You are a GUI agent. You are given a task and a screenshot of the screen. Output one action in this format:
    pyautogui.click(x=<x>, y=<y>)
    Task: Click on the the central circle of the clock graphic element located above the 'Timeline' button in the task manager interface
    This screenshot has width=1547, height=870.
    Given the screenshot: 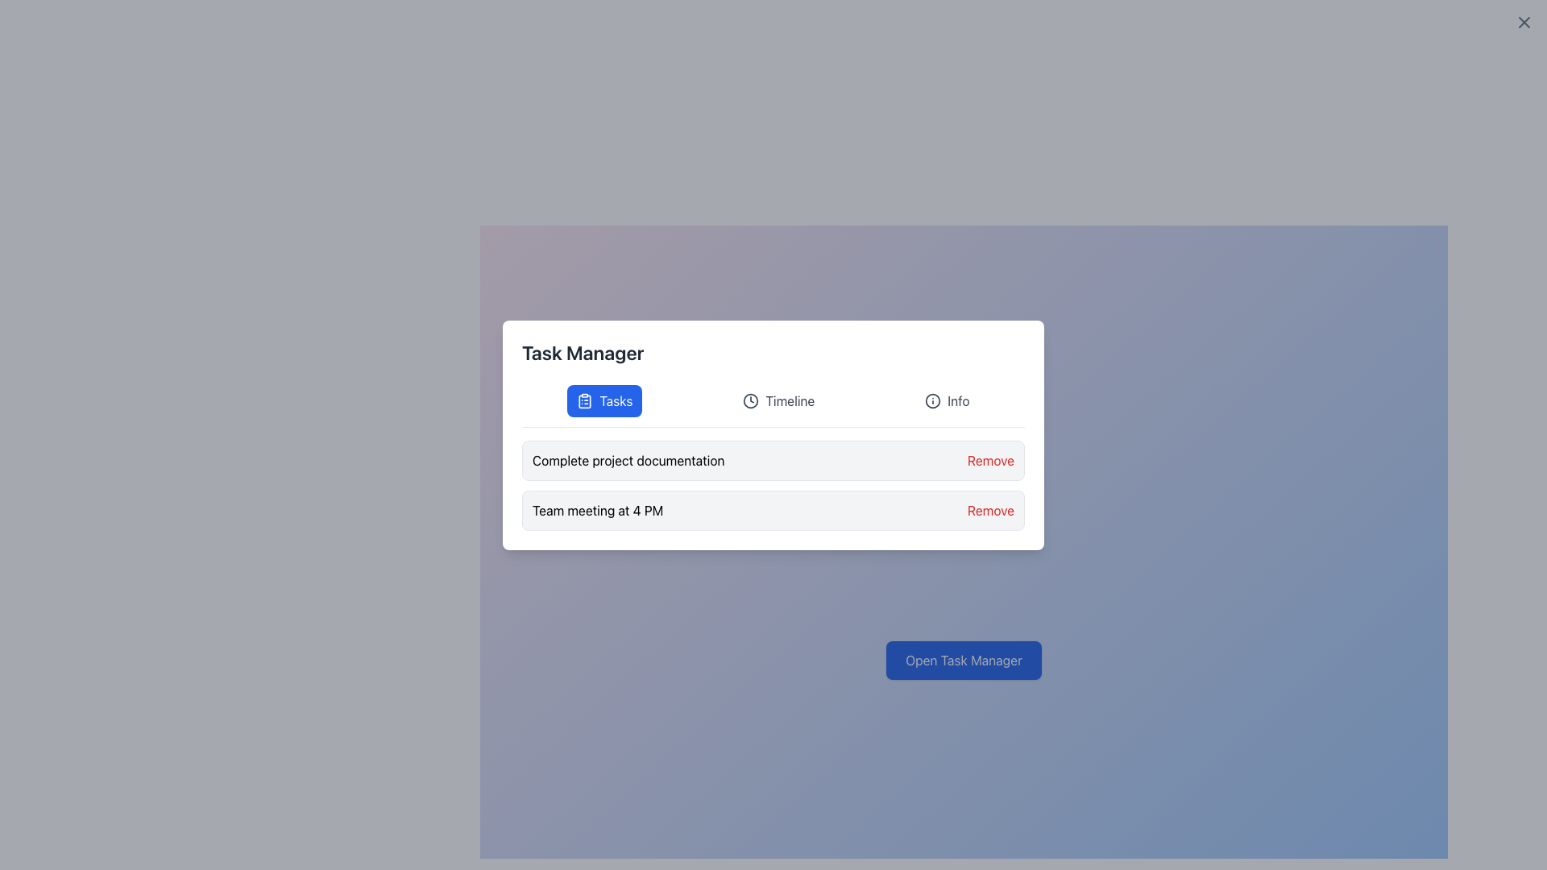 What is the action you would take?
    pyautogui.click(x=750, y=400)
    